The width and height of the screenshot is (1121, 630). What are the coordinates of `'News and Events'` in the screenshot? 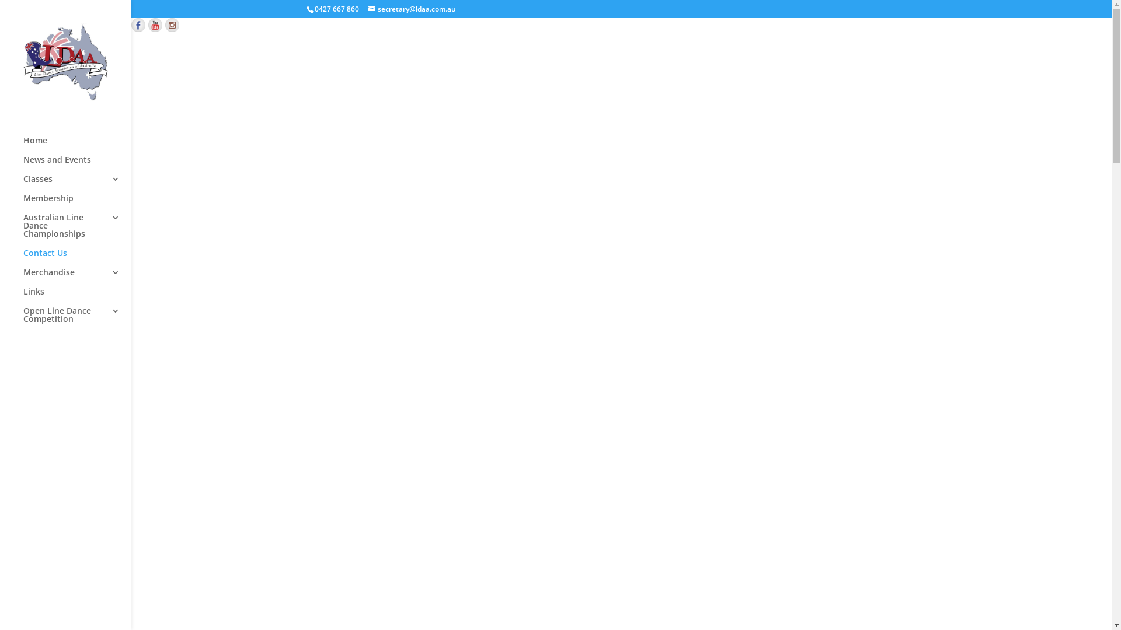 It's located at (23, 165).